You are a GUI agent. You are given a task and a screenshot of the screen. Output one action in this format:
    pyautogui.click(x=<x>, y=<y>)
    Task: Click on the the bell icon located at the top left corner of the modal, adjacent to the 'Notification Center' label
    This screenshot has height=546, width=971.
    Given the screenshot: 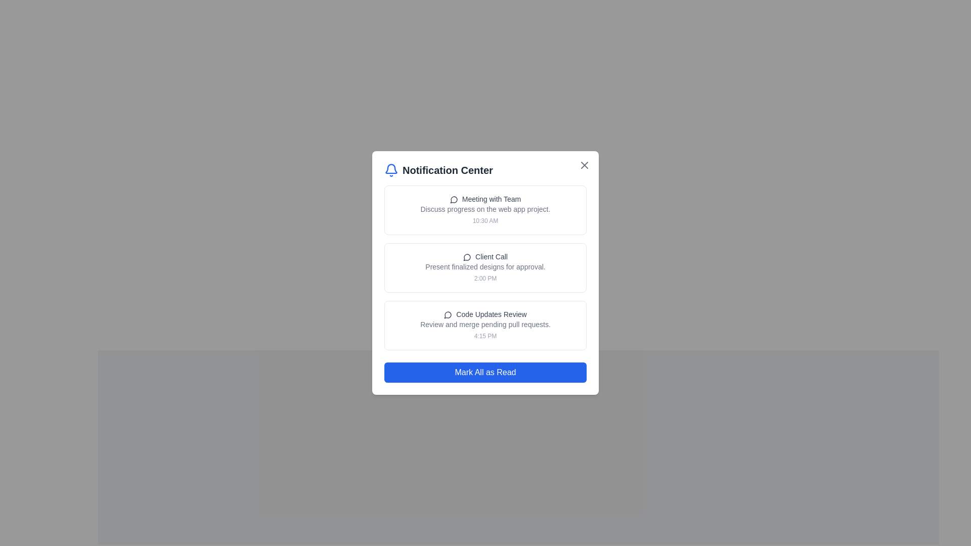 What is the action you would take?
    pyautogui.click(x=390, y=169)
    